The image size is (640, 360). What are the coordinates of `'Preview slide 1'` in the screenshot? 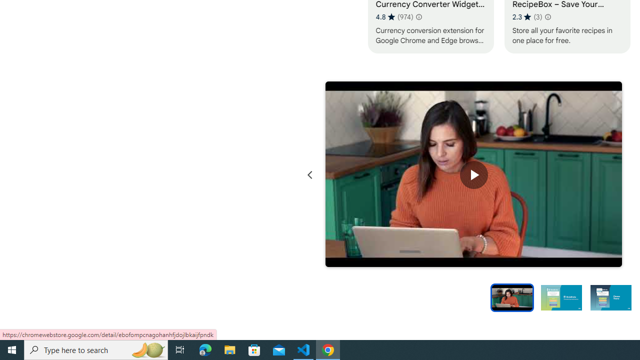 It's located at (512, 296).